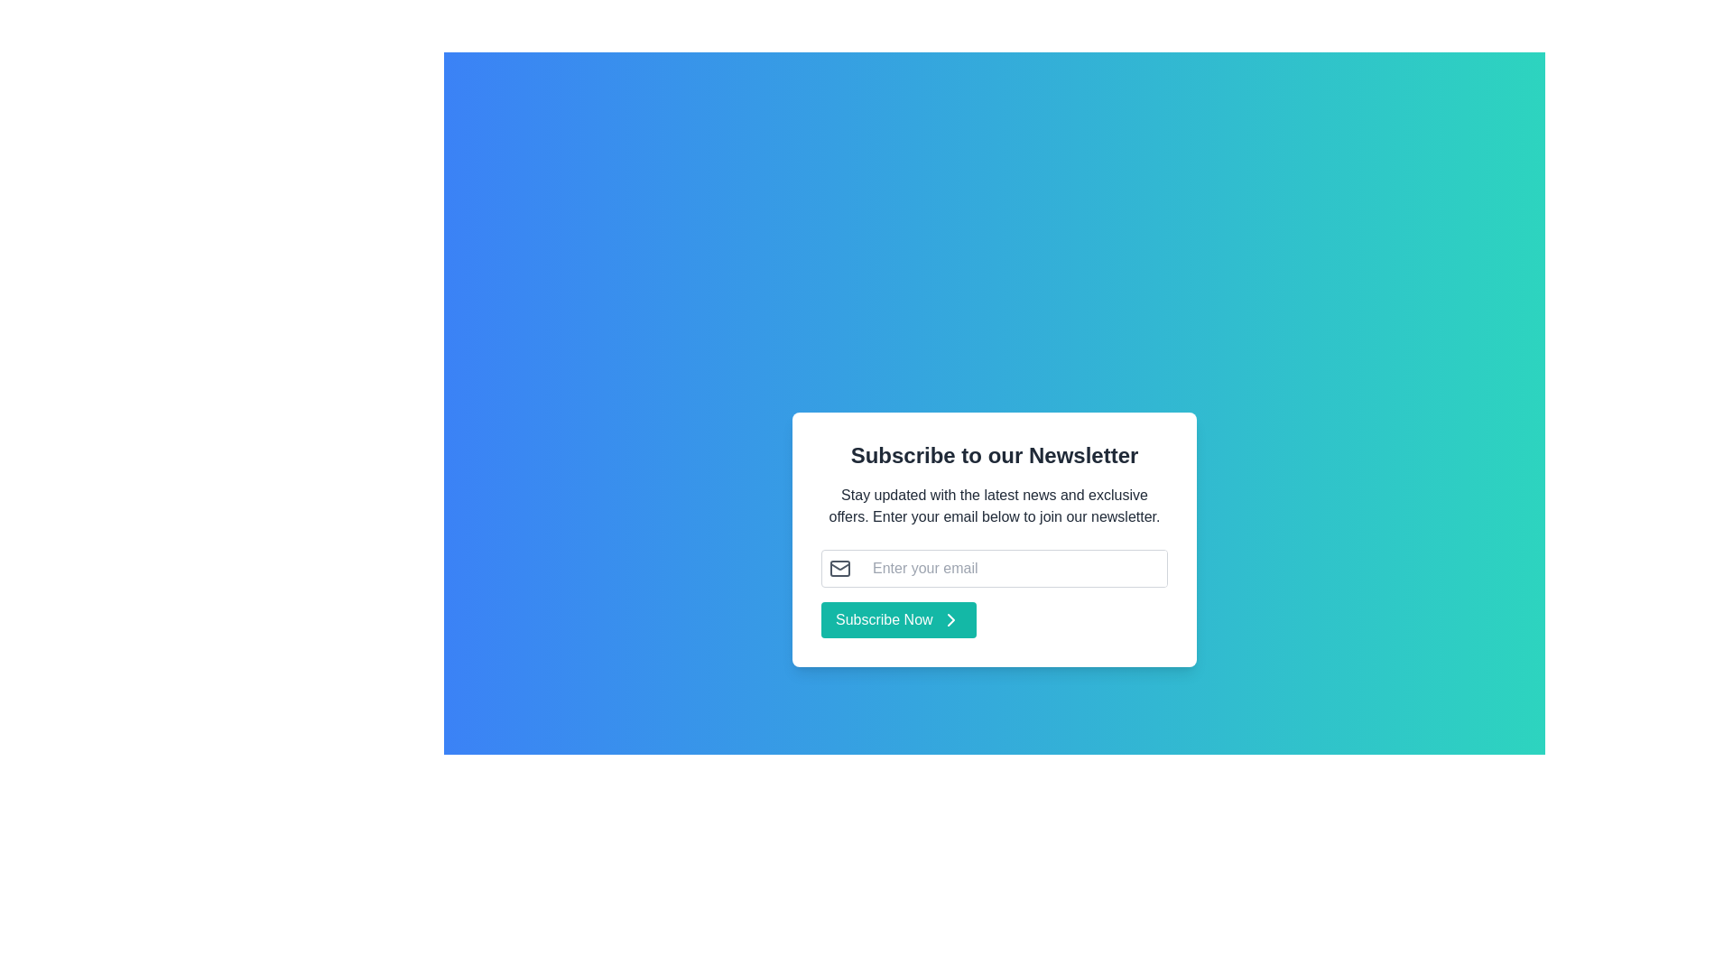 Image resolution: width=1733 pixels, height=975 pixels. What do you see at coordinates (898, 618) in the screenshot?
I see `the subscription submission button located in the bottom right quarter of the subscription card` at bounding box center [898, 618].